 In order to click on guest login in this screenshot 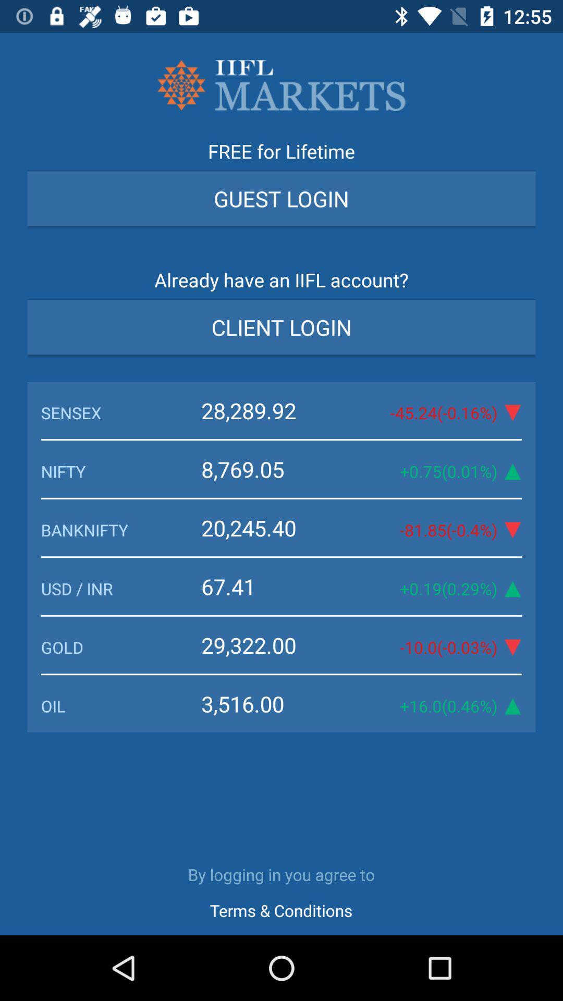, I will do `click(281, 198)`.